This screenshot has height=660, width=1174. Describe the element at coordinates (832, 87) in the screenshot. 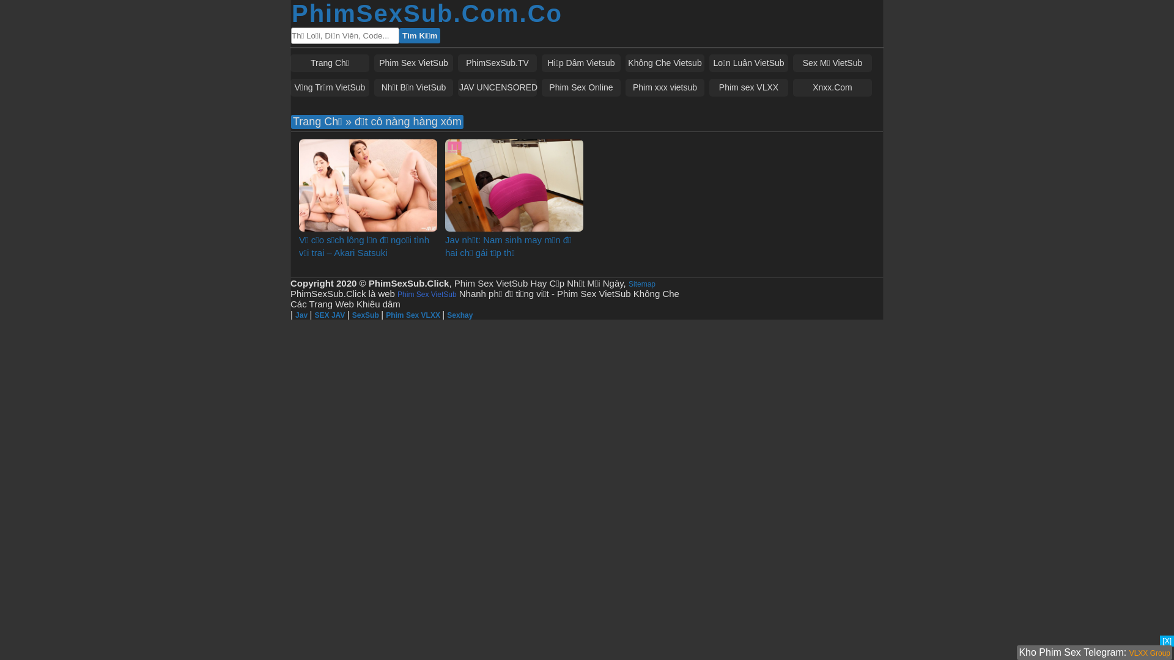

I see `'Xnxx.Com'` at that location.